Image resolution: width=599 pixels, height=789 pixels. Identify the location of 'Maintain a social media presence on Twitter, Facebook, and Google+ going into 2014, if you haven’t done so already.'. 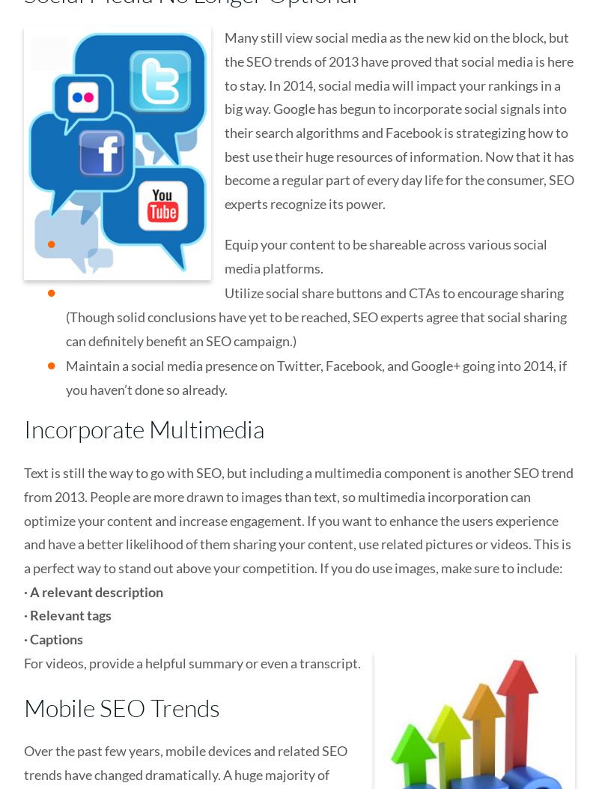
(316, 377).